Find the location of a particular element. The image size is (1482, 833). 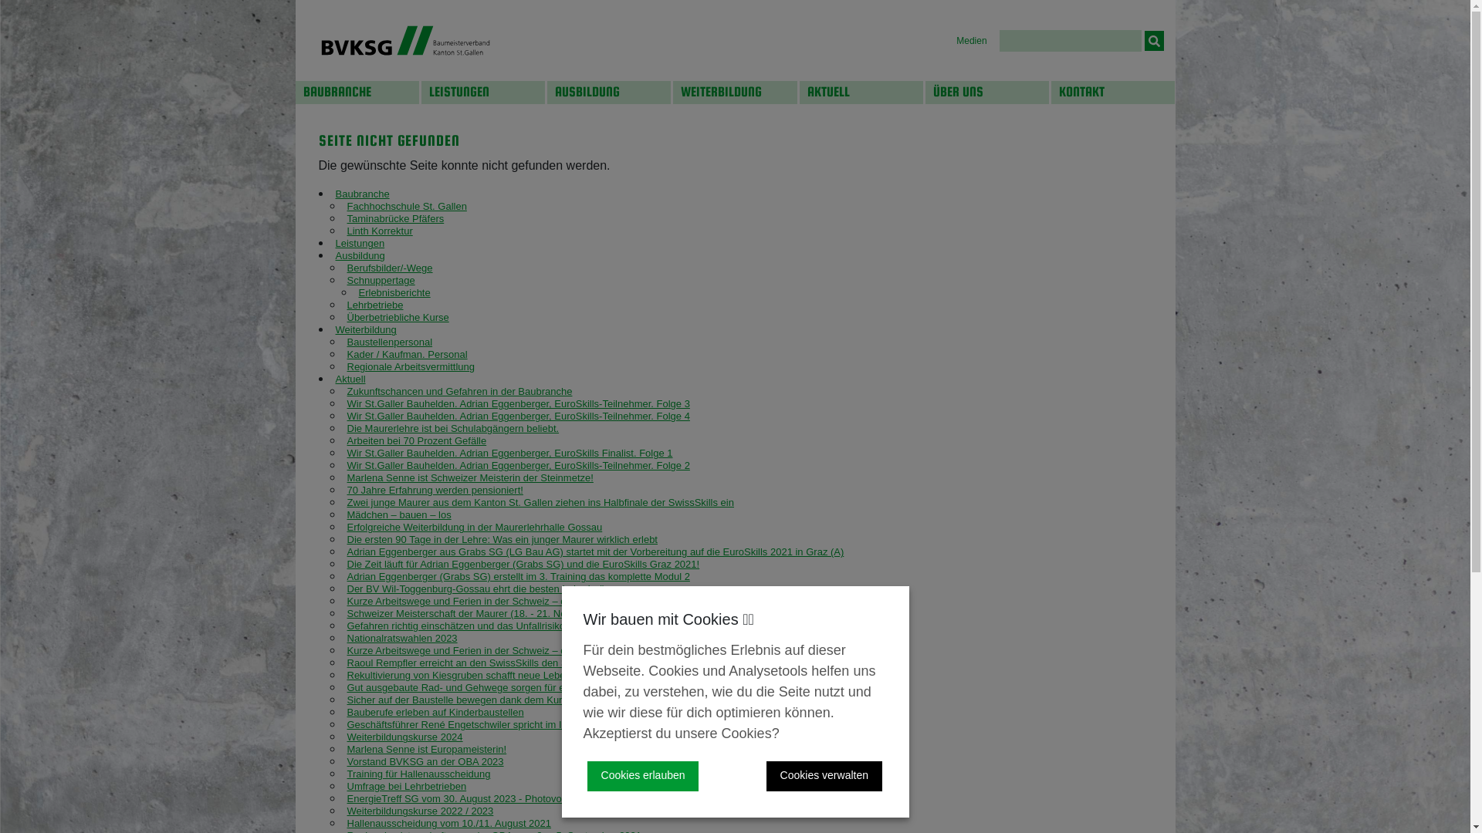

'AUSBILDUNG' is located at coordinates (607, 92).